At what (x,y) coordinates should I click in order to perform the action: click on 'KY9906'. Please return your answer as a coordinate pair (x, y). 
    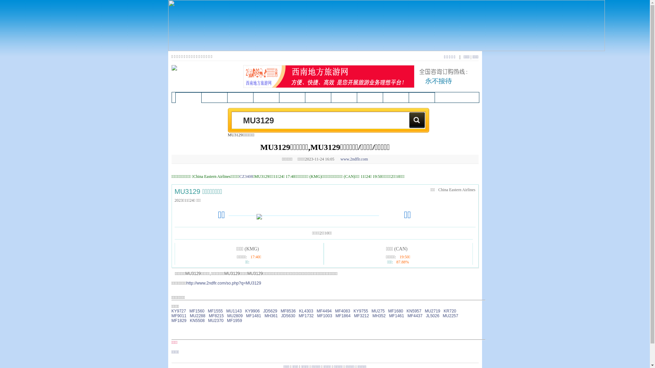
    Looking at the image, I should click on (252, 311).